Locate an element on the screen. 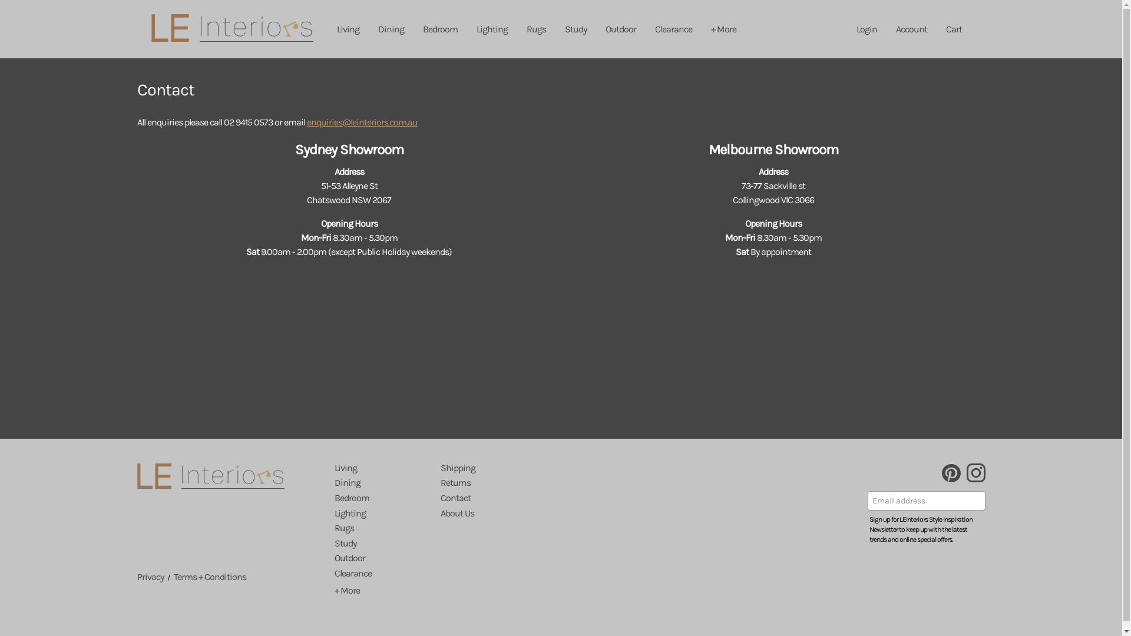  'Bedroom' is located at coordinates (333, 498).